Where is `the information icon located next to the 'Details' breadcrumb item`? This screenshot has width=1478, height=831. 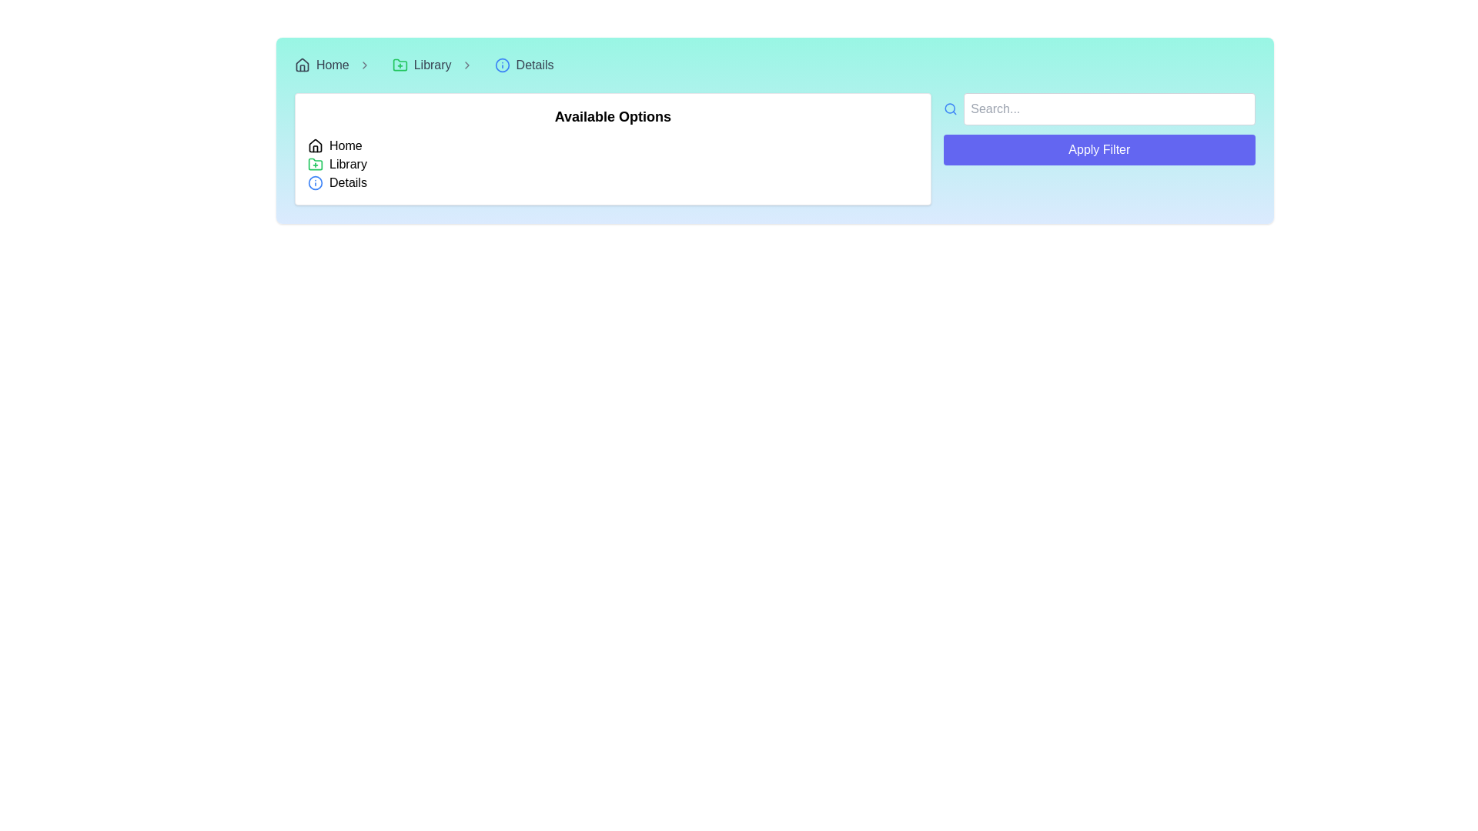
the information icon located next to the 'Details' breadcrumb item is located at coordinates (502, 64).